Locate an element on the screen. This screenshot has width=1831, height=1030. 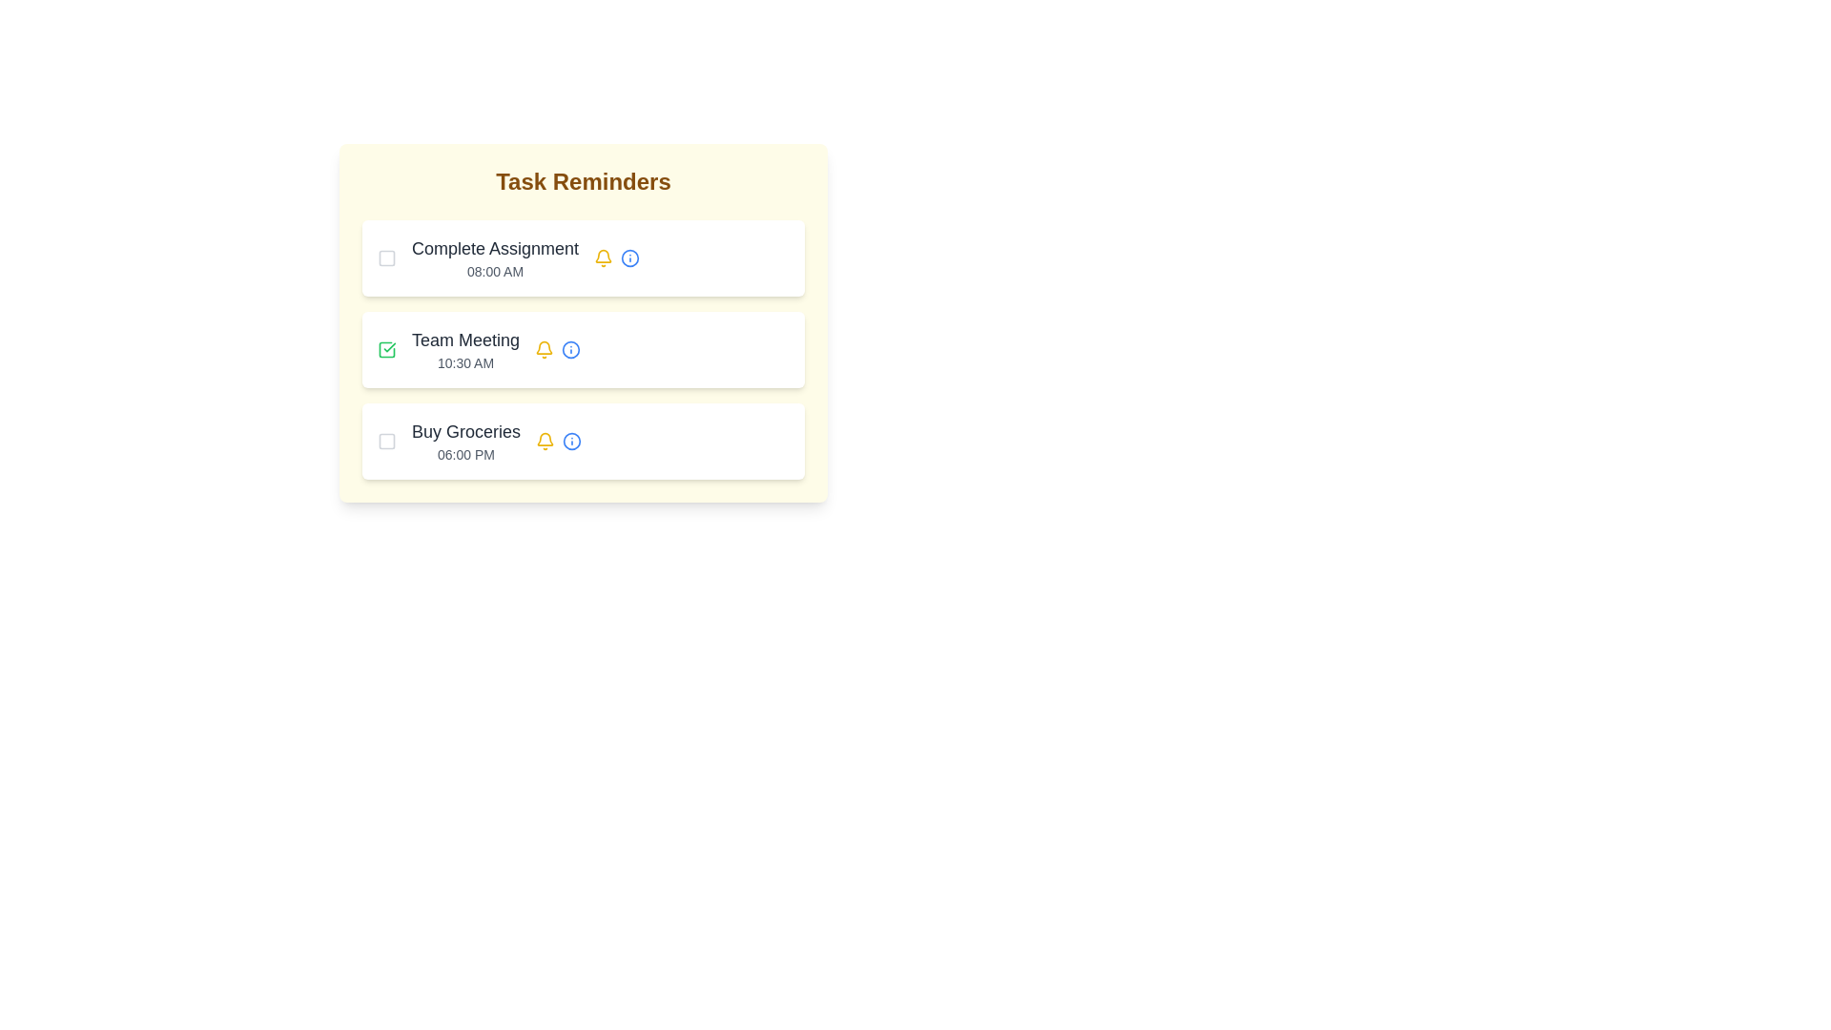
the second task in the 'Task Reminders' list titled 'Team Meeting' is located at coordinates (582, 349).